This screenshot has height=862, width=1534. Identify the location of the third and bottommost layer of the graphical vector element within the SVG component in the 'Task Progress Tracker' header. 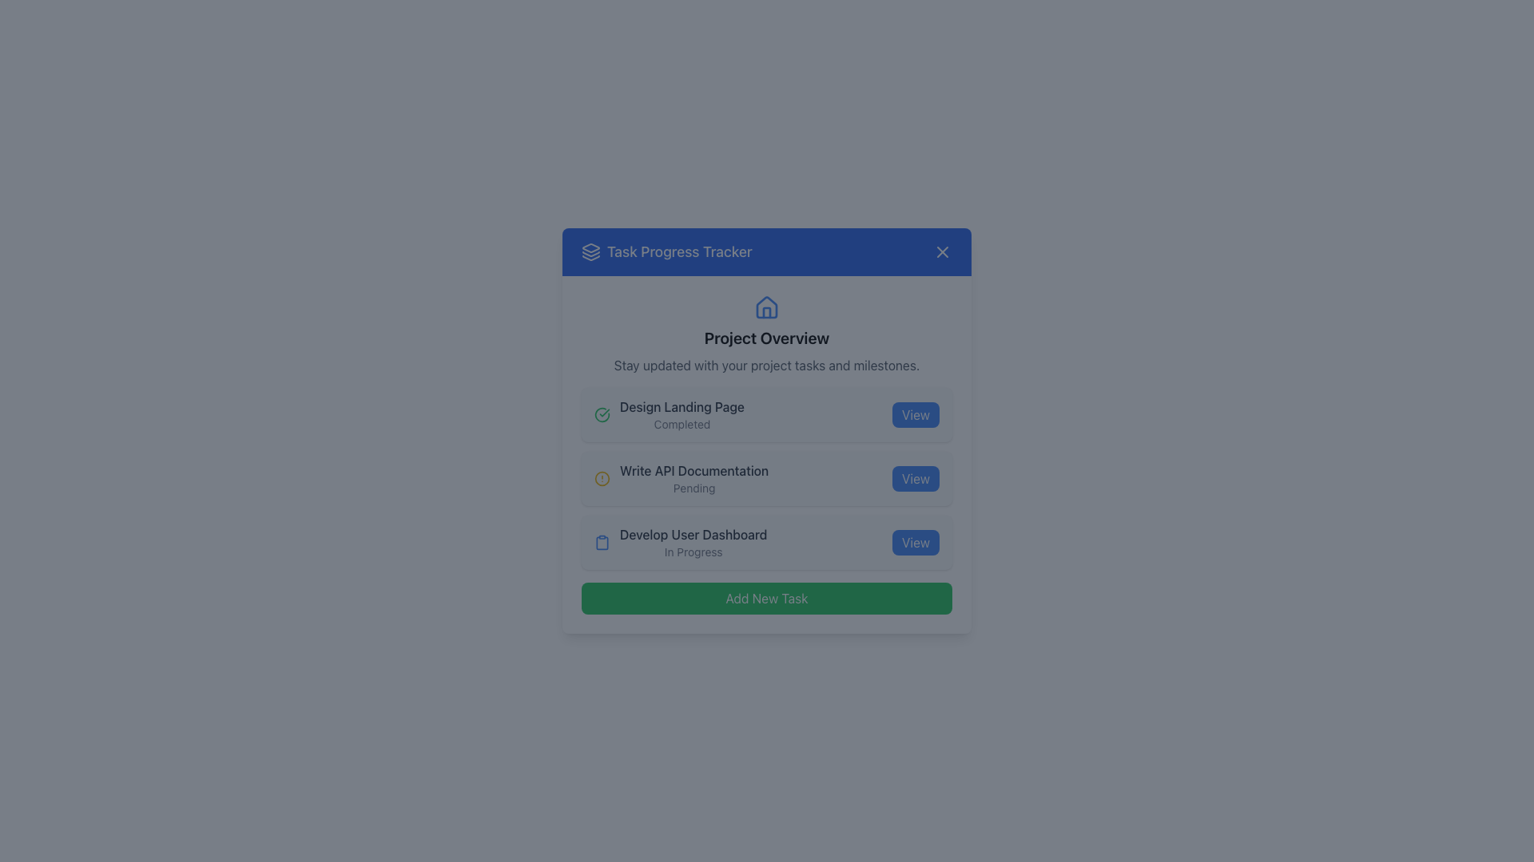
(590, 257).